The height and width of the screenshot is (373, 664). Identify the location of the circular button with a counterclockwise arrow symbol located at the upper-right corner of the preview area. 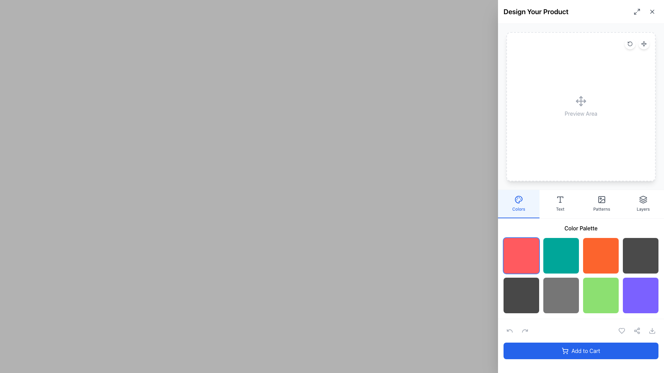
(630, 44).